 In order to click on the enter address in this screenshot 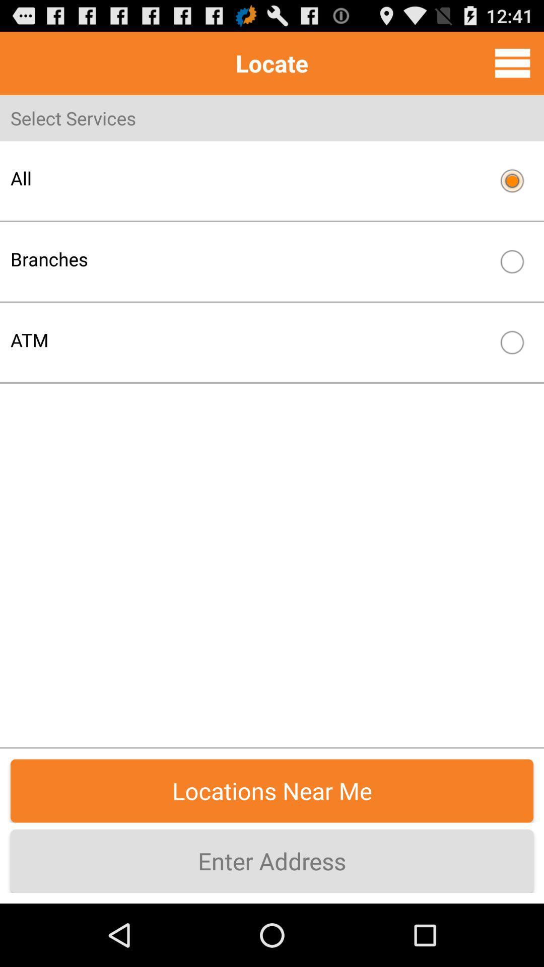, I will do `click(272, 860)`.